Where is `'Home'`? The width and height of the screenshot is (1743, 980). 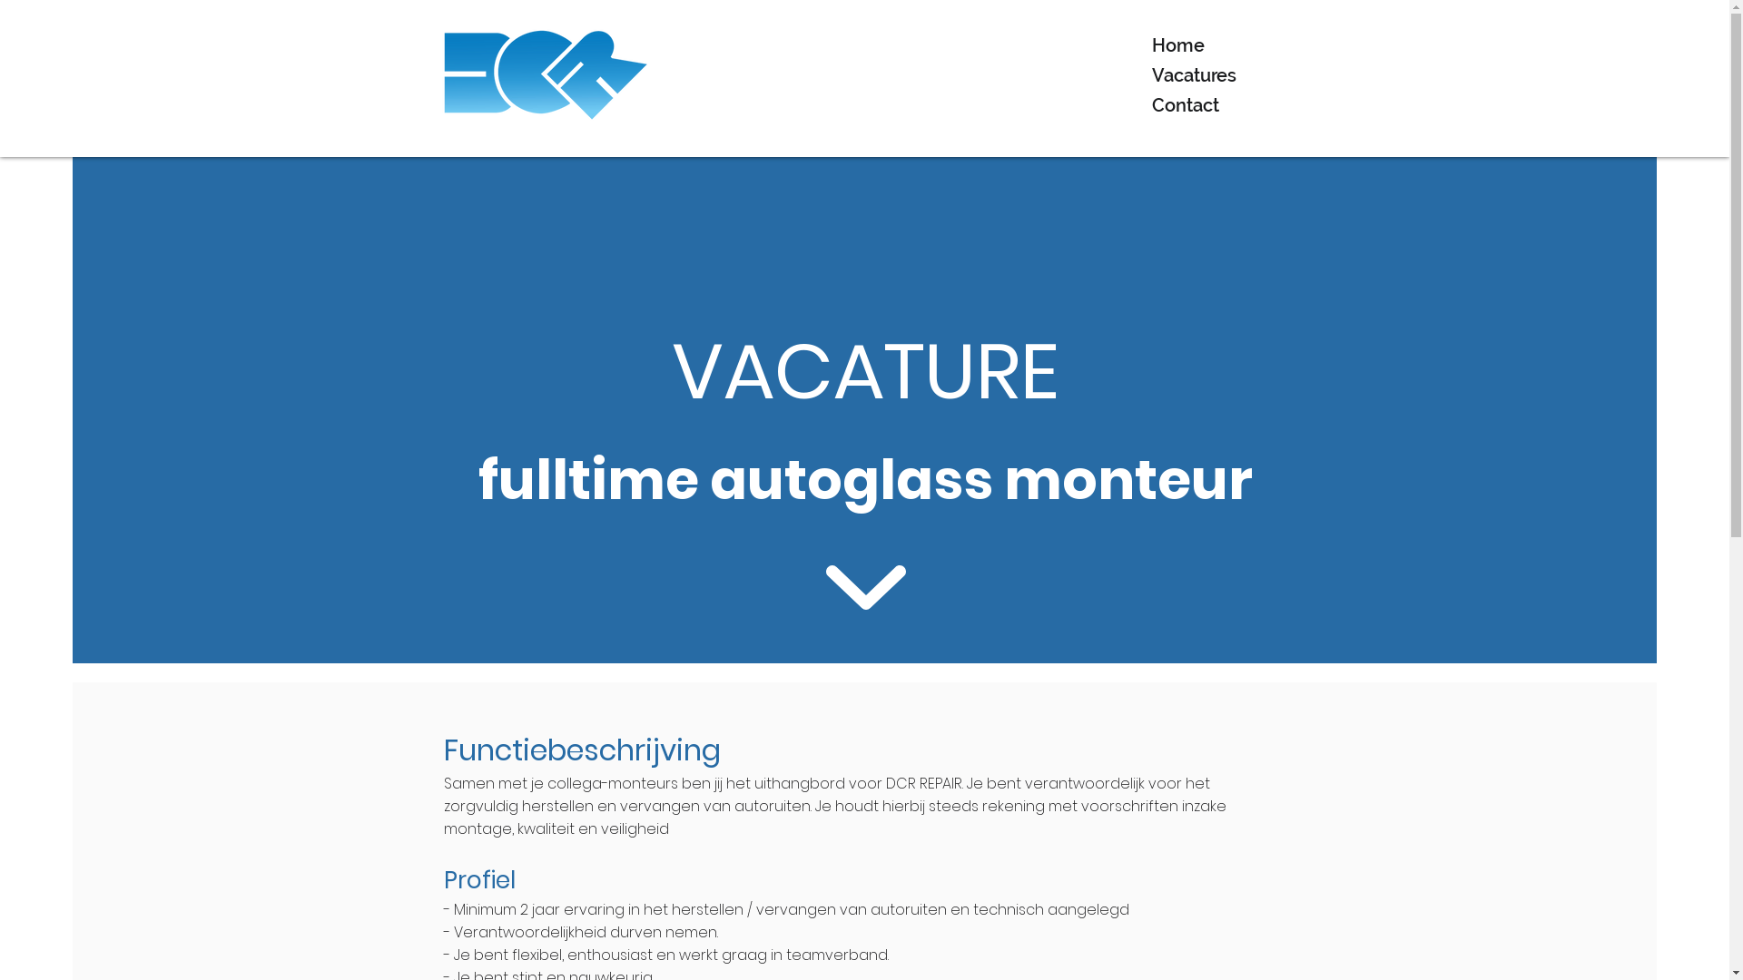 'Home' is located at coordinates (1229, 44).